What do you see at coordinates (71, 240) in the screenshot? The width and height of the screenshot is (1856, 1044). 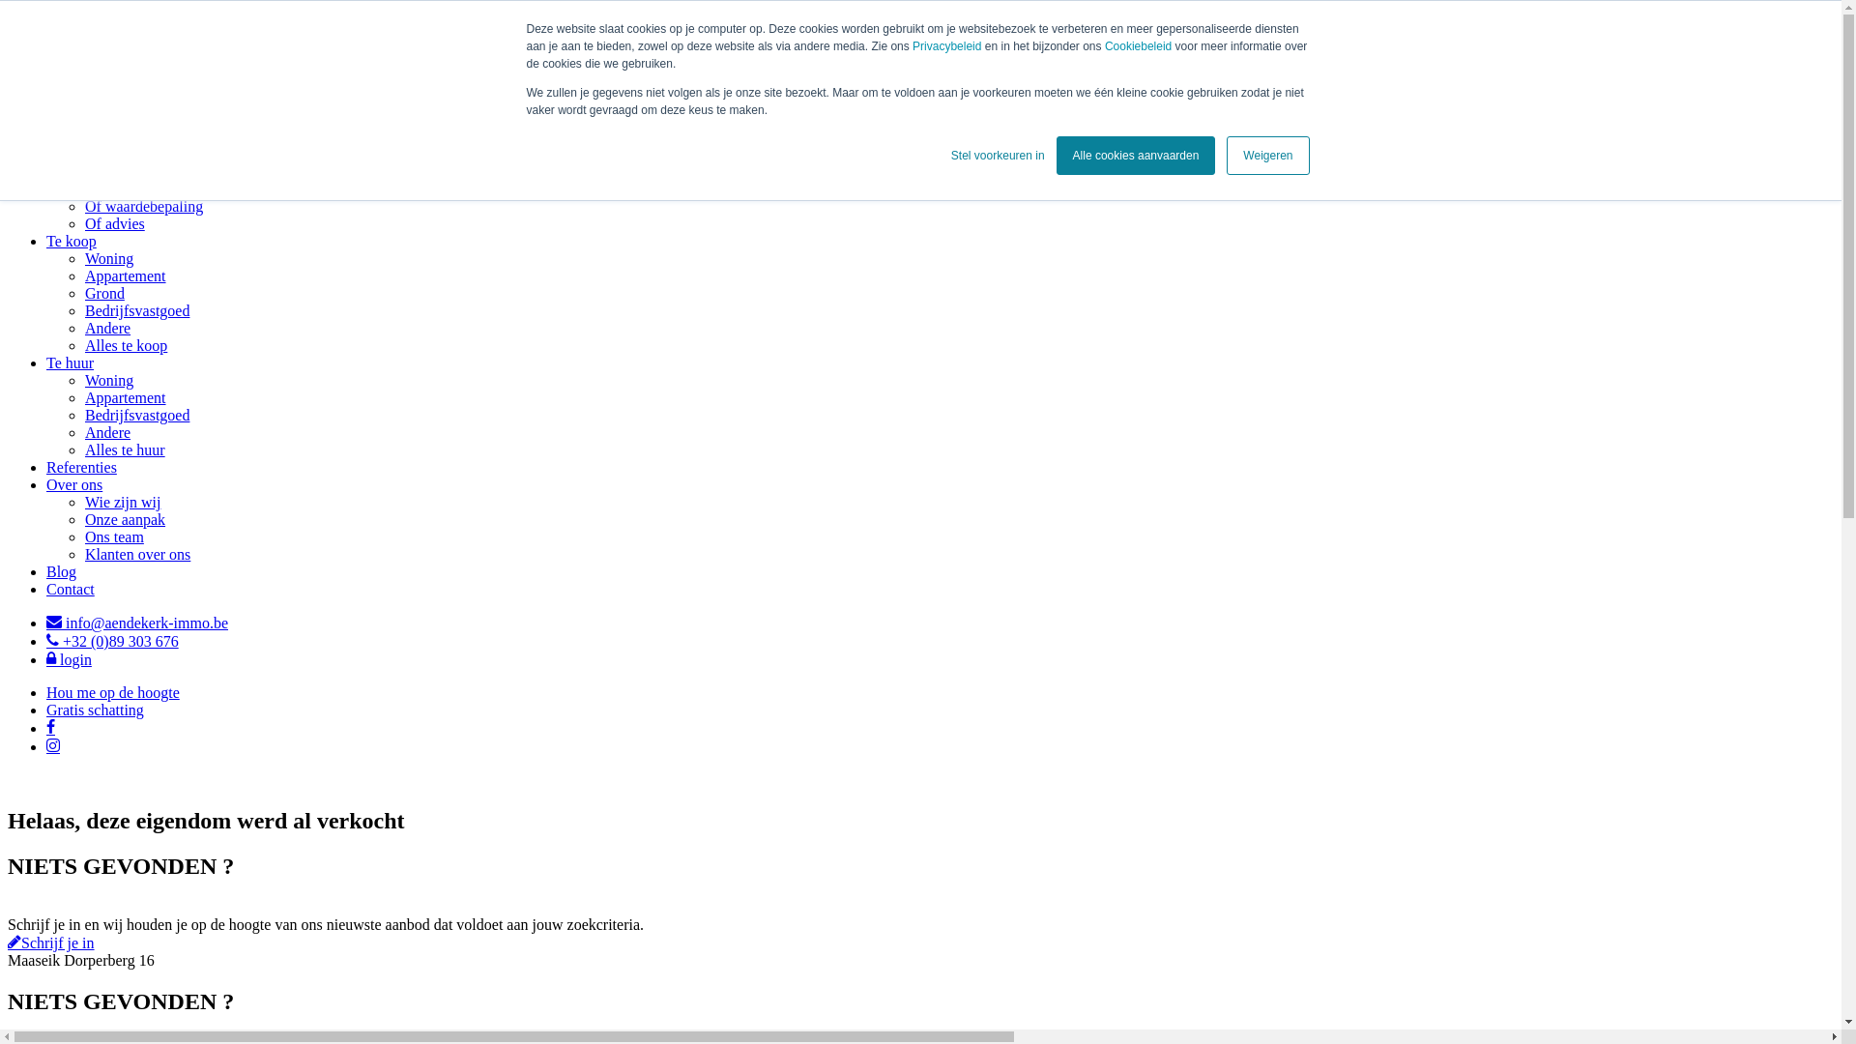 I see `'Te koop'` at bounding box center [71, 240].